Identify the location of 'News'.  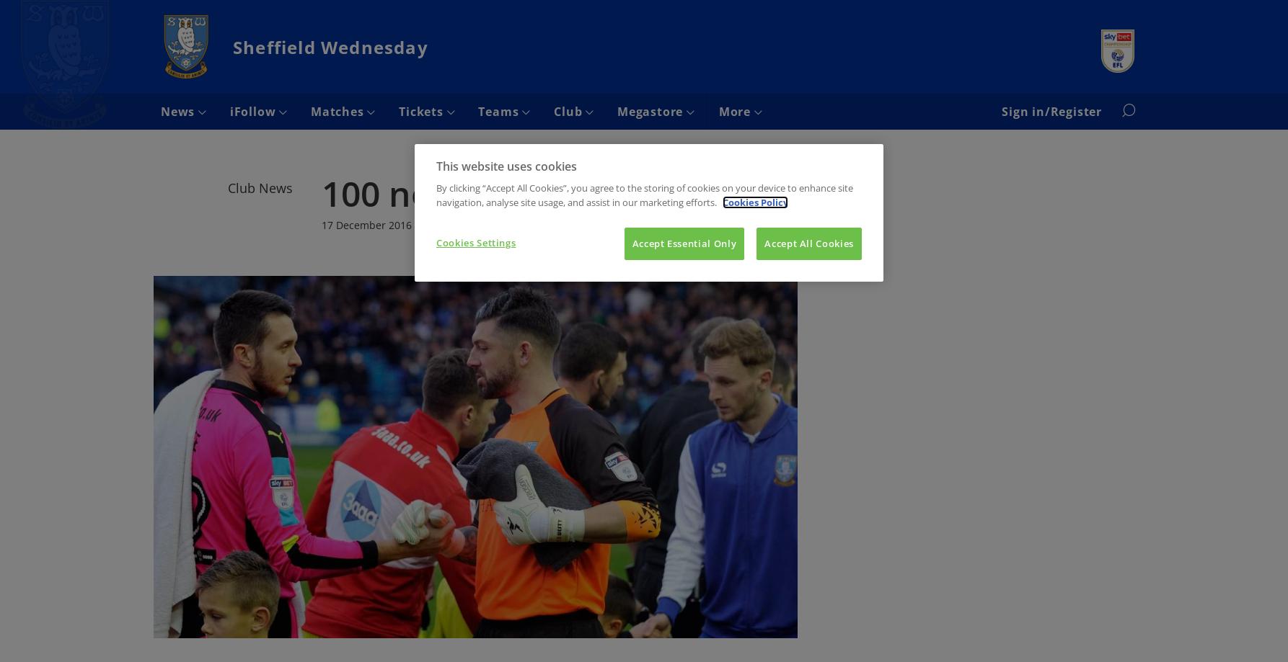
(178, 111).